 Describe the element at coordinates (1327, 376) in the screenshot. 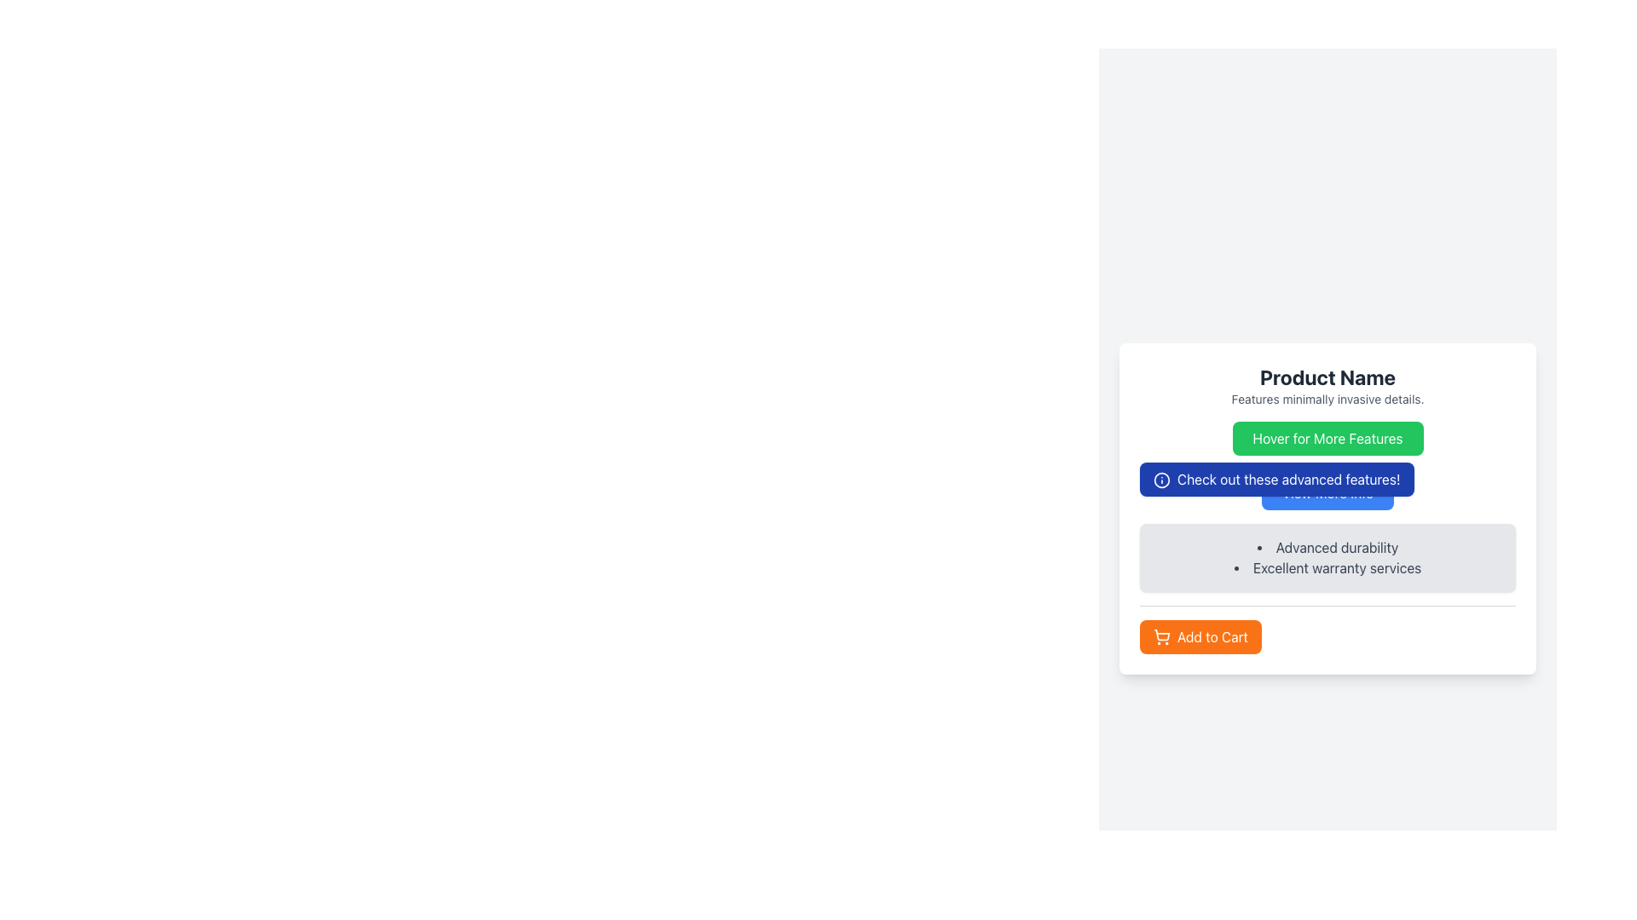

I see `the 'Product Name' heading, which is a bold and large-sized text styled in black font, located at the top of a card layout` at that location.